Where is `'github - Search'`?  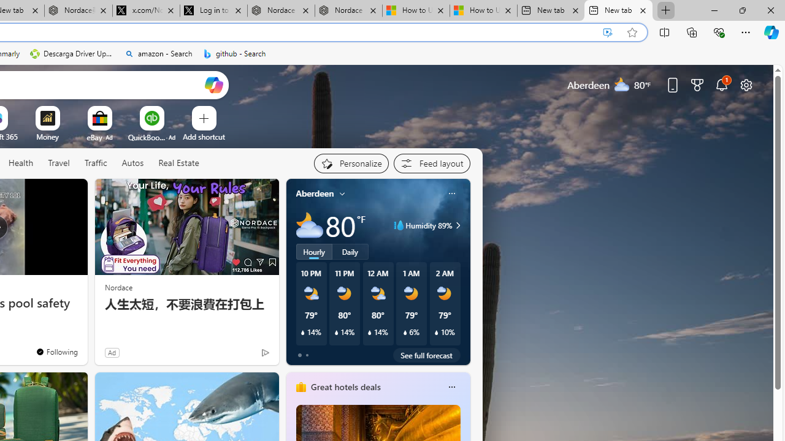
'github - Search' is located at coordinates (234, 53).